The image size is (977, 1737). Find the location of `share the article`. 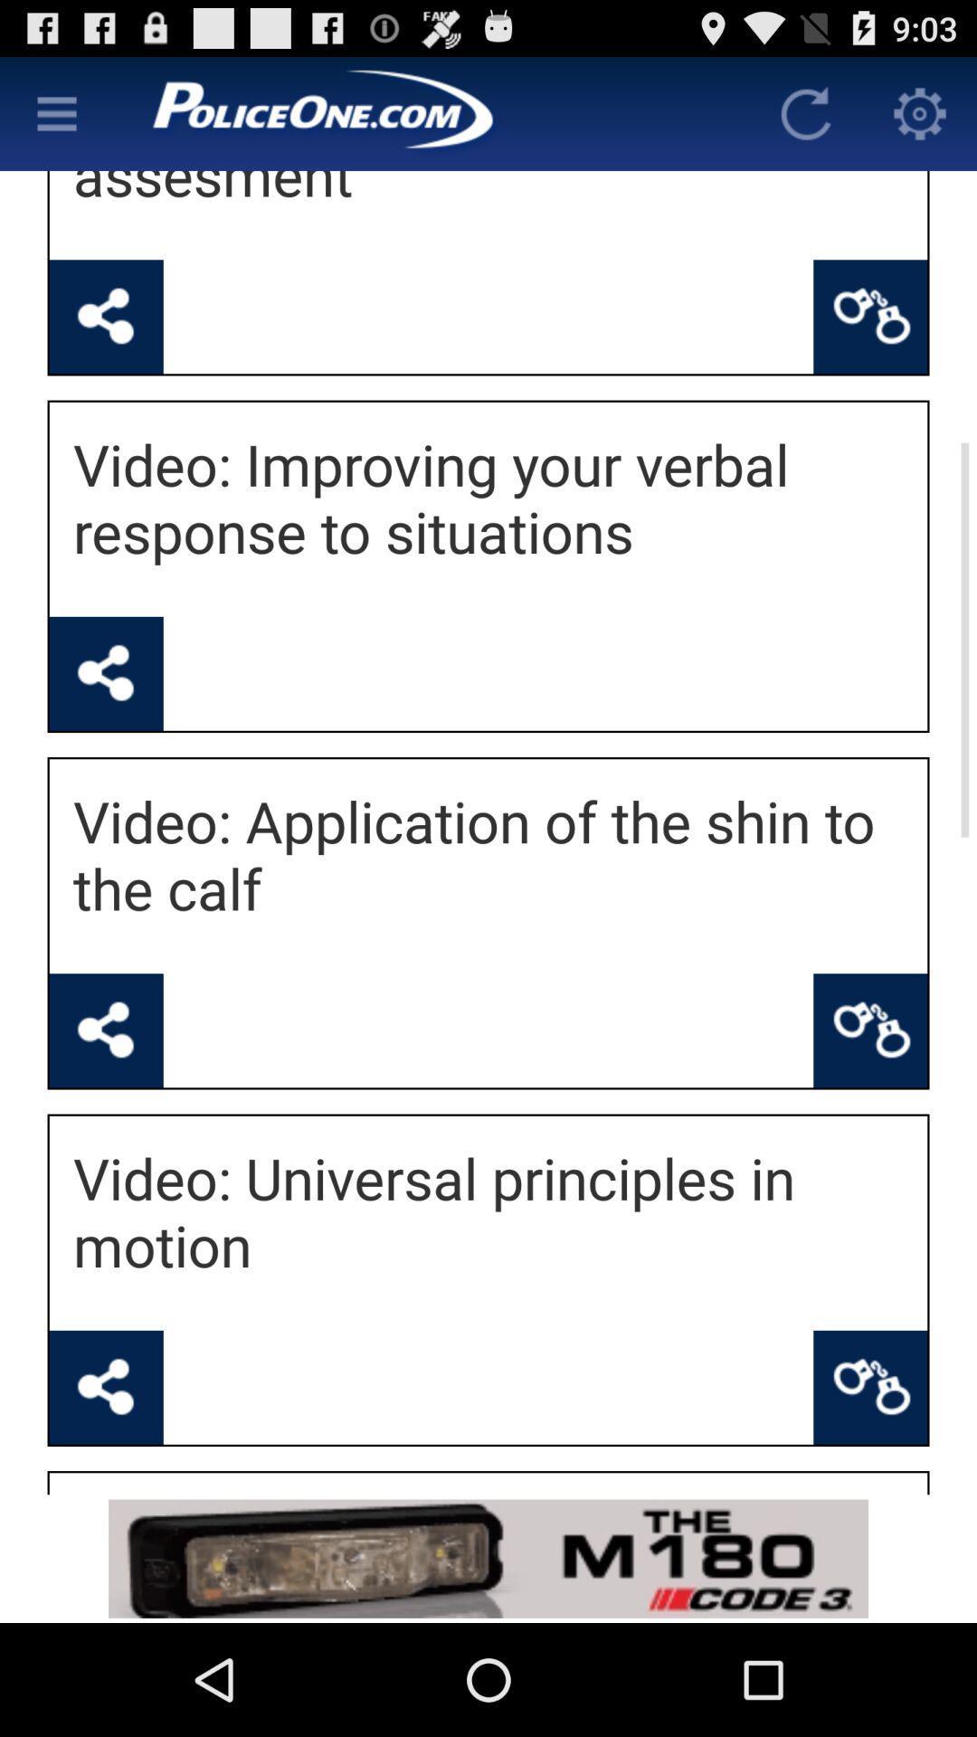

share the article is located at coordinates (106, 1386).